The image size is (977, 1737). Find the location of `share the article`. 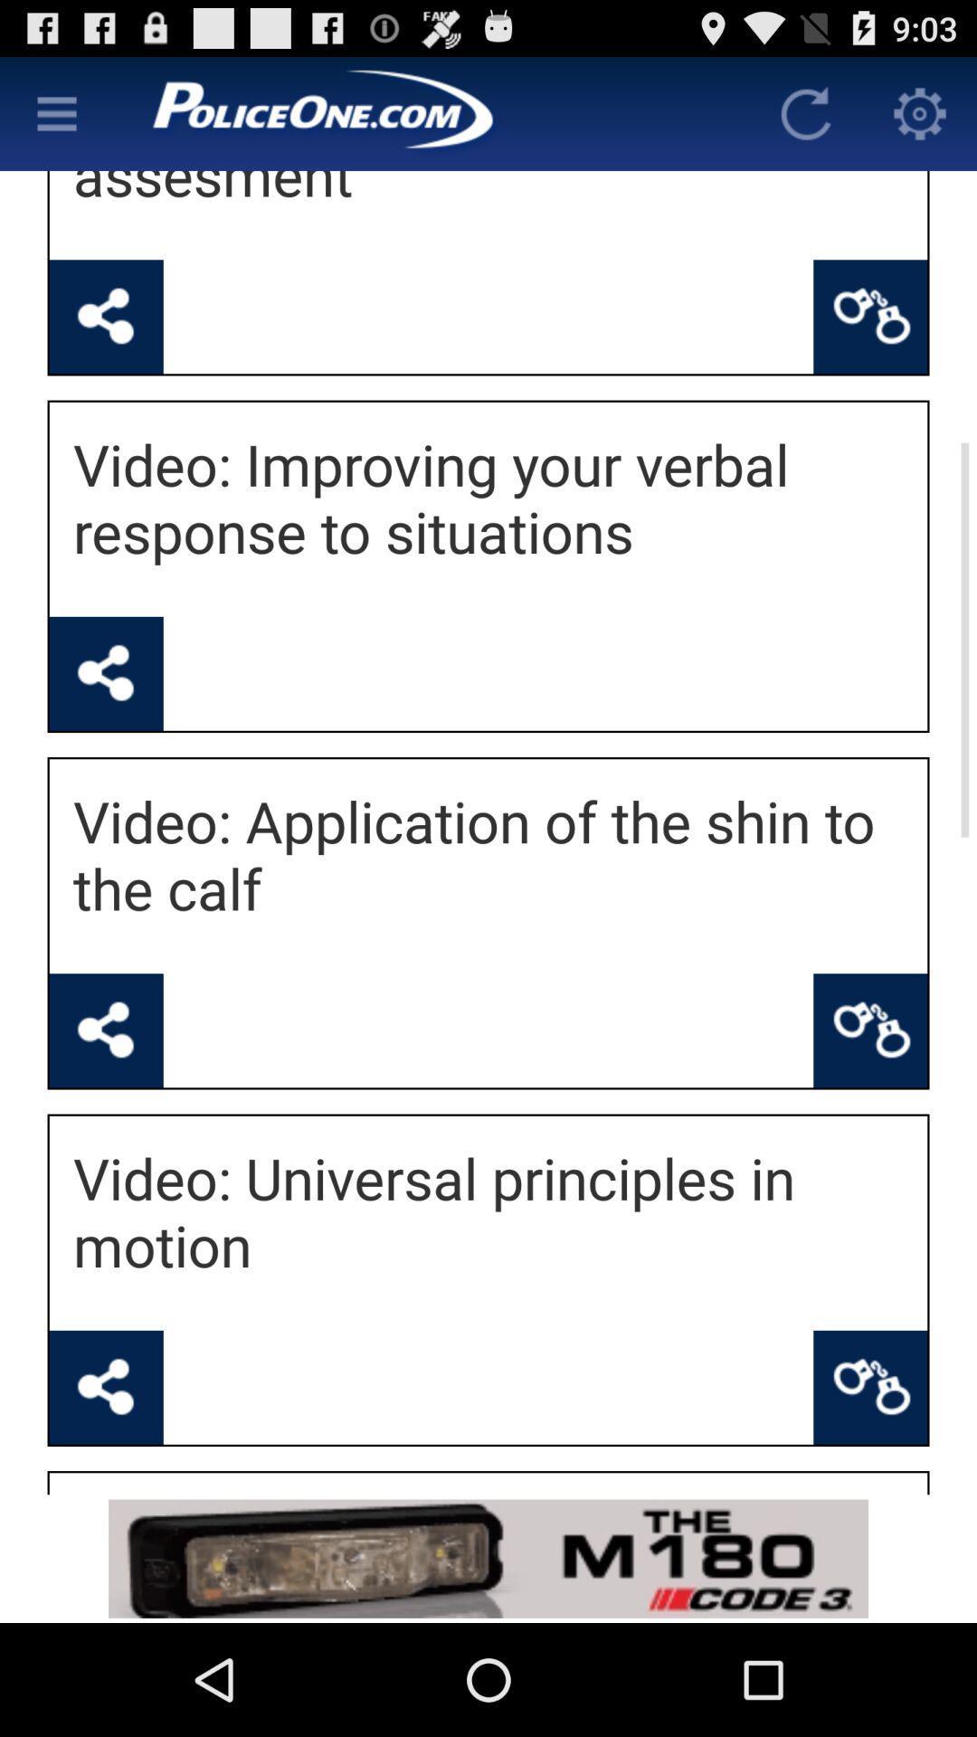

share the article is located at coordinates (106, 1386).